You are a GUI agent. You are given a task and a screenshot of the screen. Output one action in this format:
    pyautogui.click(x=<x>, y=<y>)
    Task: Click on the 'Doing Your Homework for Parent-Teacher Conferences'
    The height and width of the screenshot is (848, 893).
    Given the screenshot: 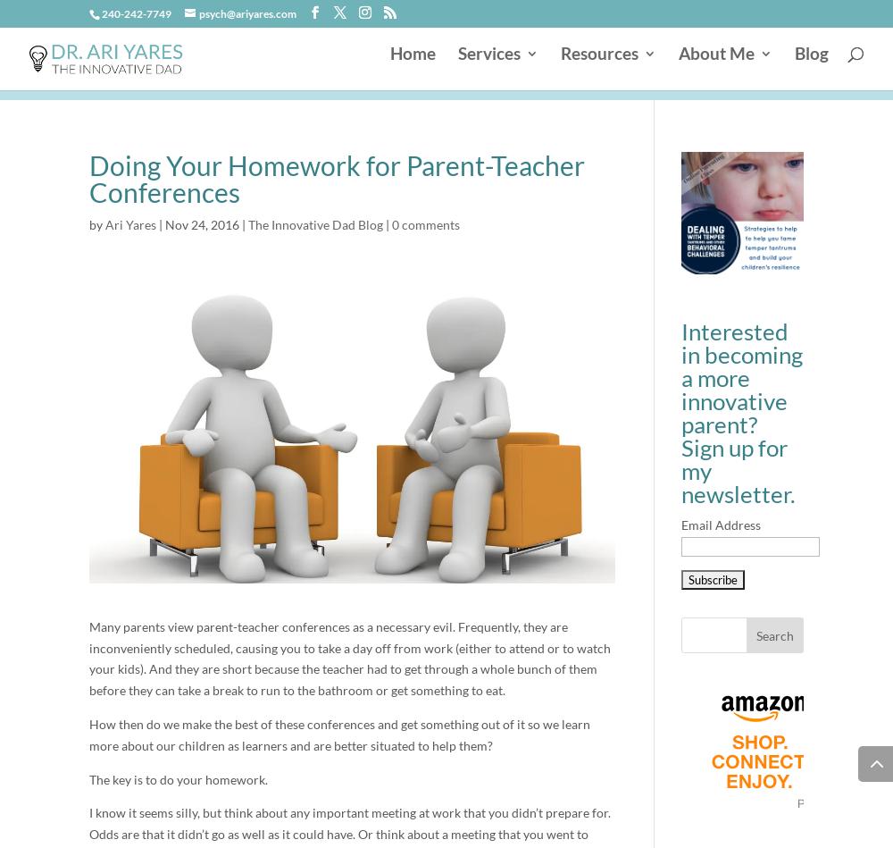 What is the action you would take?
    pyautogui.click(x=337, y=177)
    